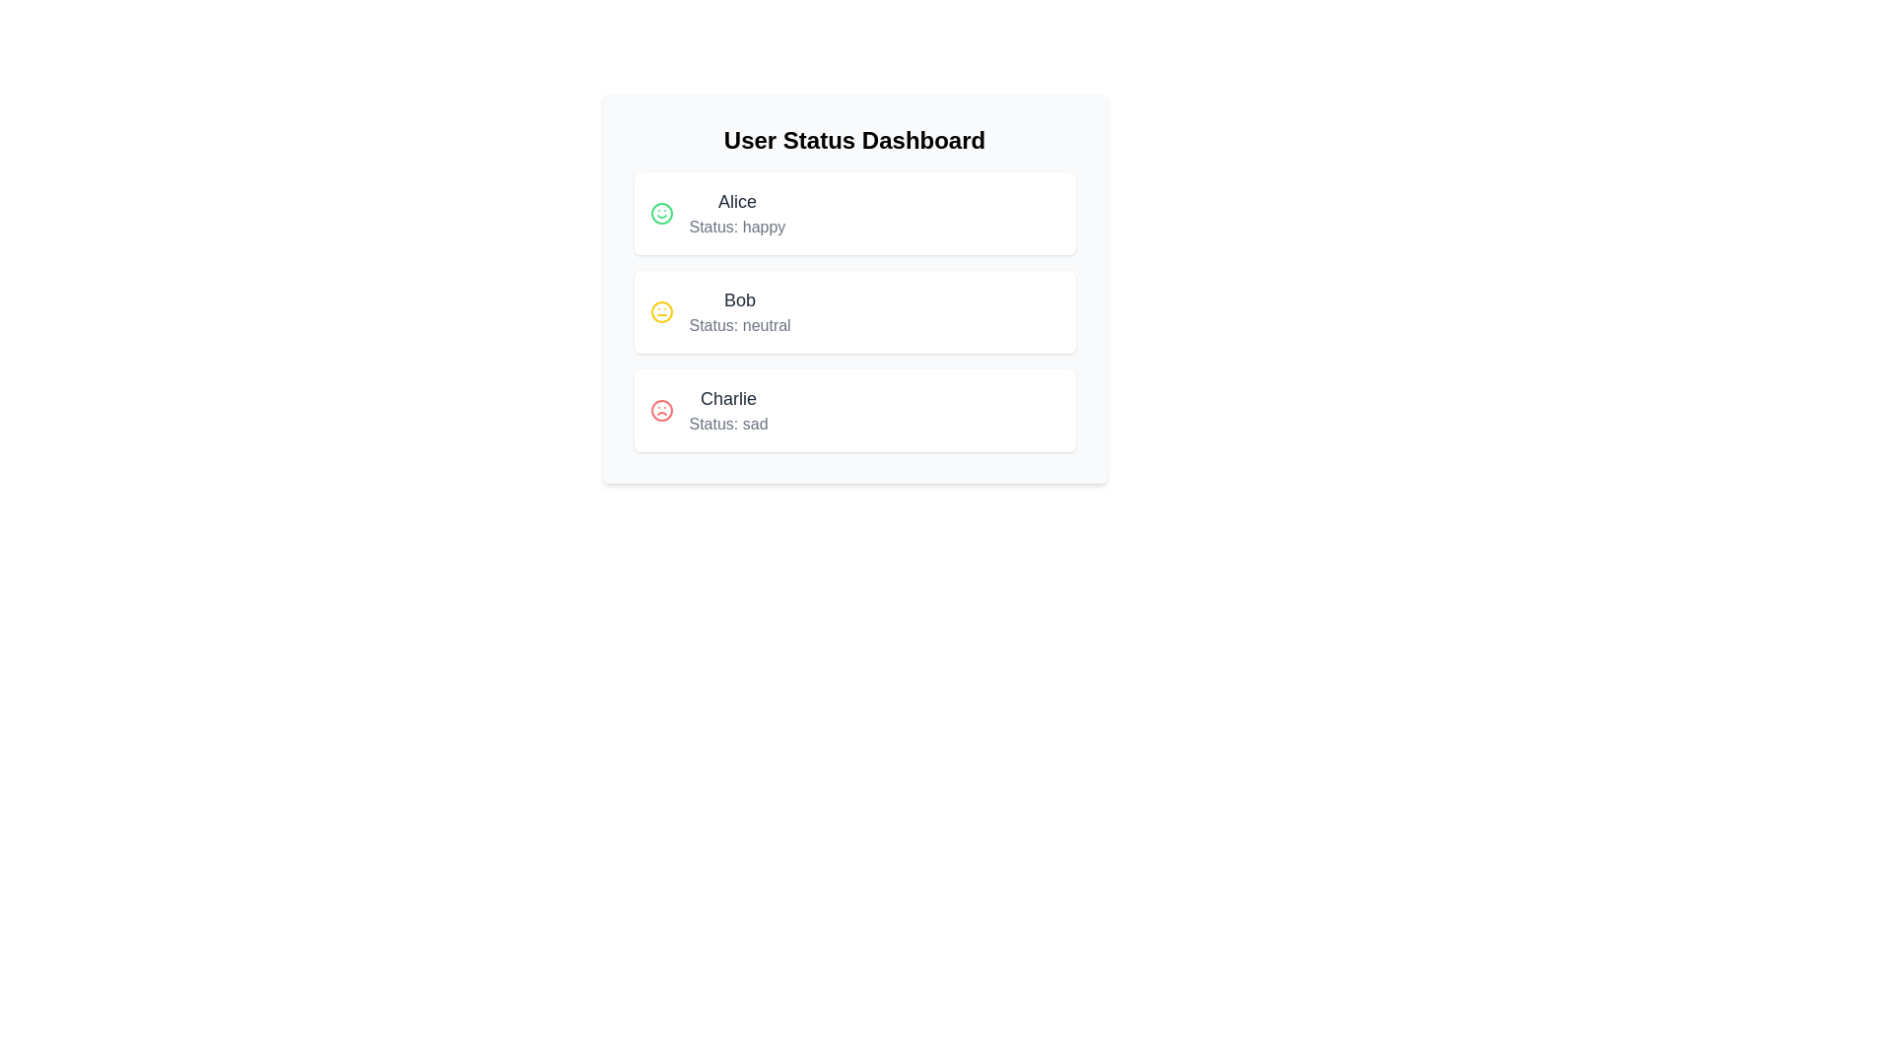 The width and height of the screenshot is (1892, 1064). Describe the element at coordinates (739, 299) in the screenshot. I see `text content of the username label ('Bob') located in the User Status Dashboard, specifically in the second card from the top, above 'Status: neutral'` at that location.